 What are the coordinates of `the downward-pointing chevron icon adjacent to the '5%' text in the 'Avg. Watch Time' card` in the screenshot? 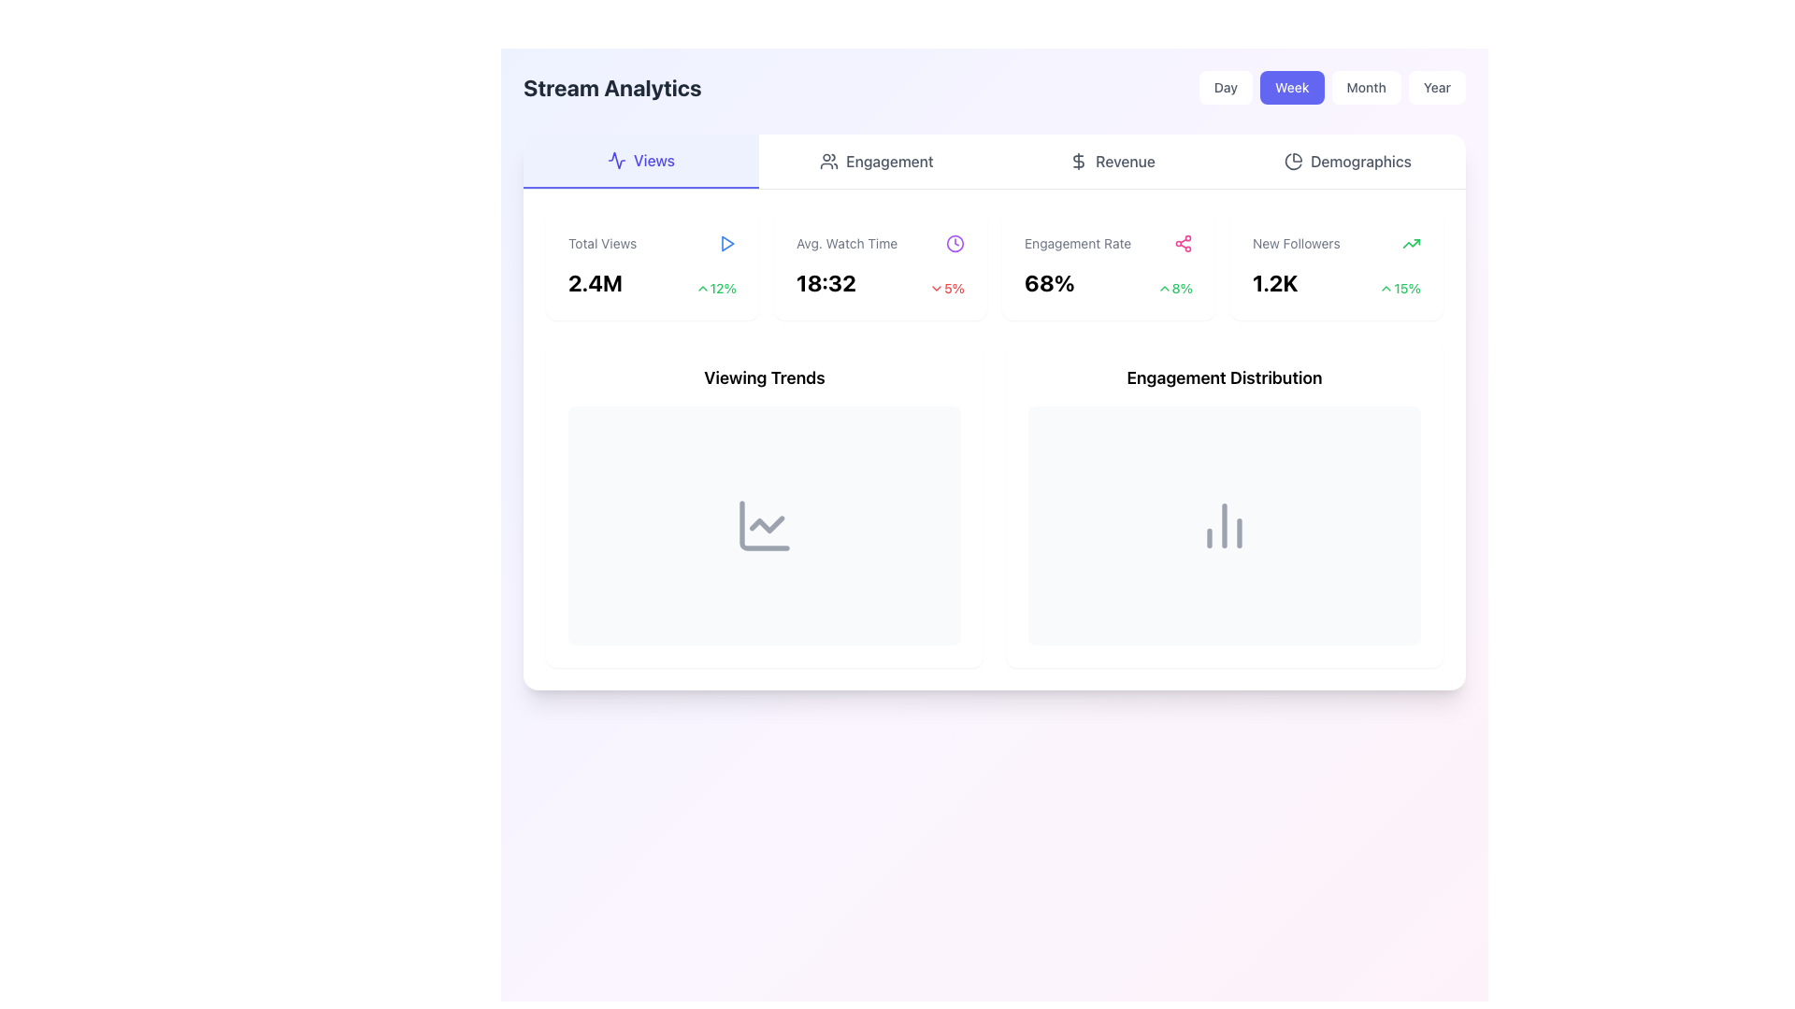 It's located at (936, 288).